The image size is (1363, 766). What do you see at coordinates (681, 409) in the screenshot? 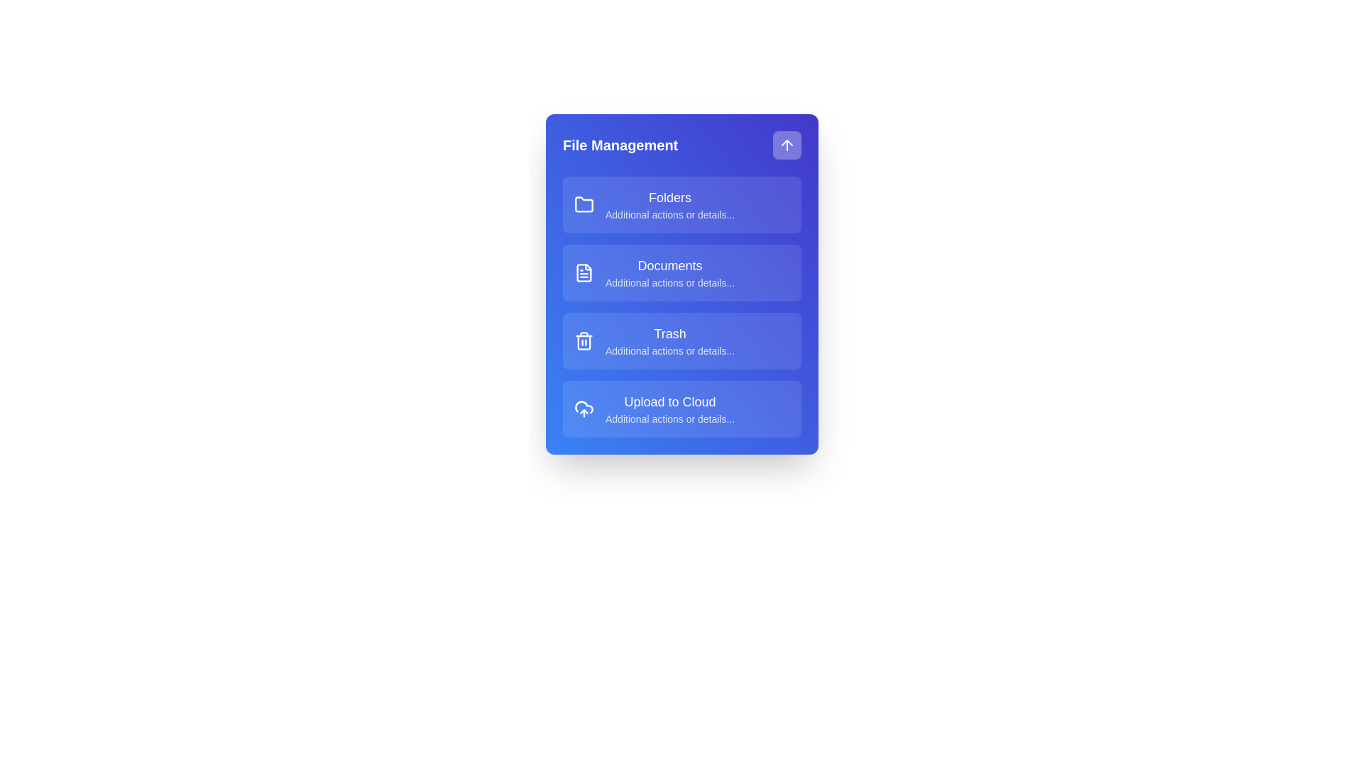
I see `the menu item Upload to Cloud` at bounding box center [681, 409].